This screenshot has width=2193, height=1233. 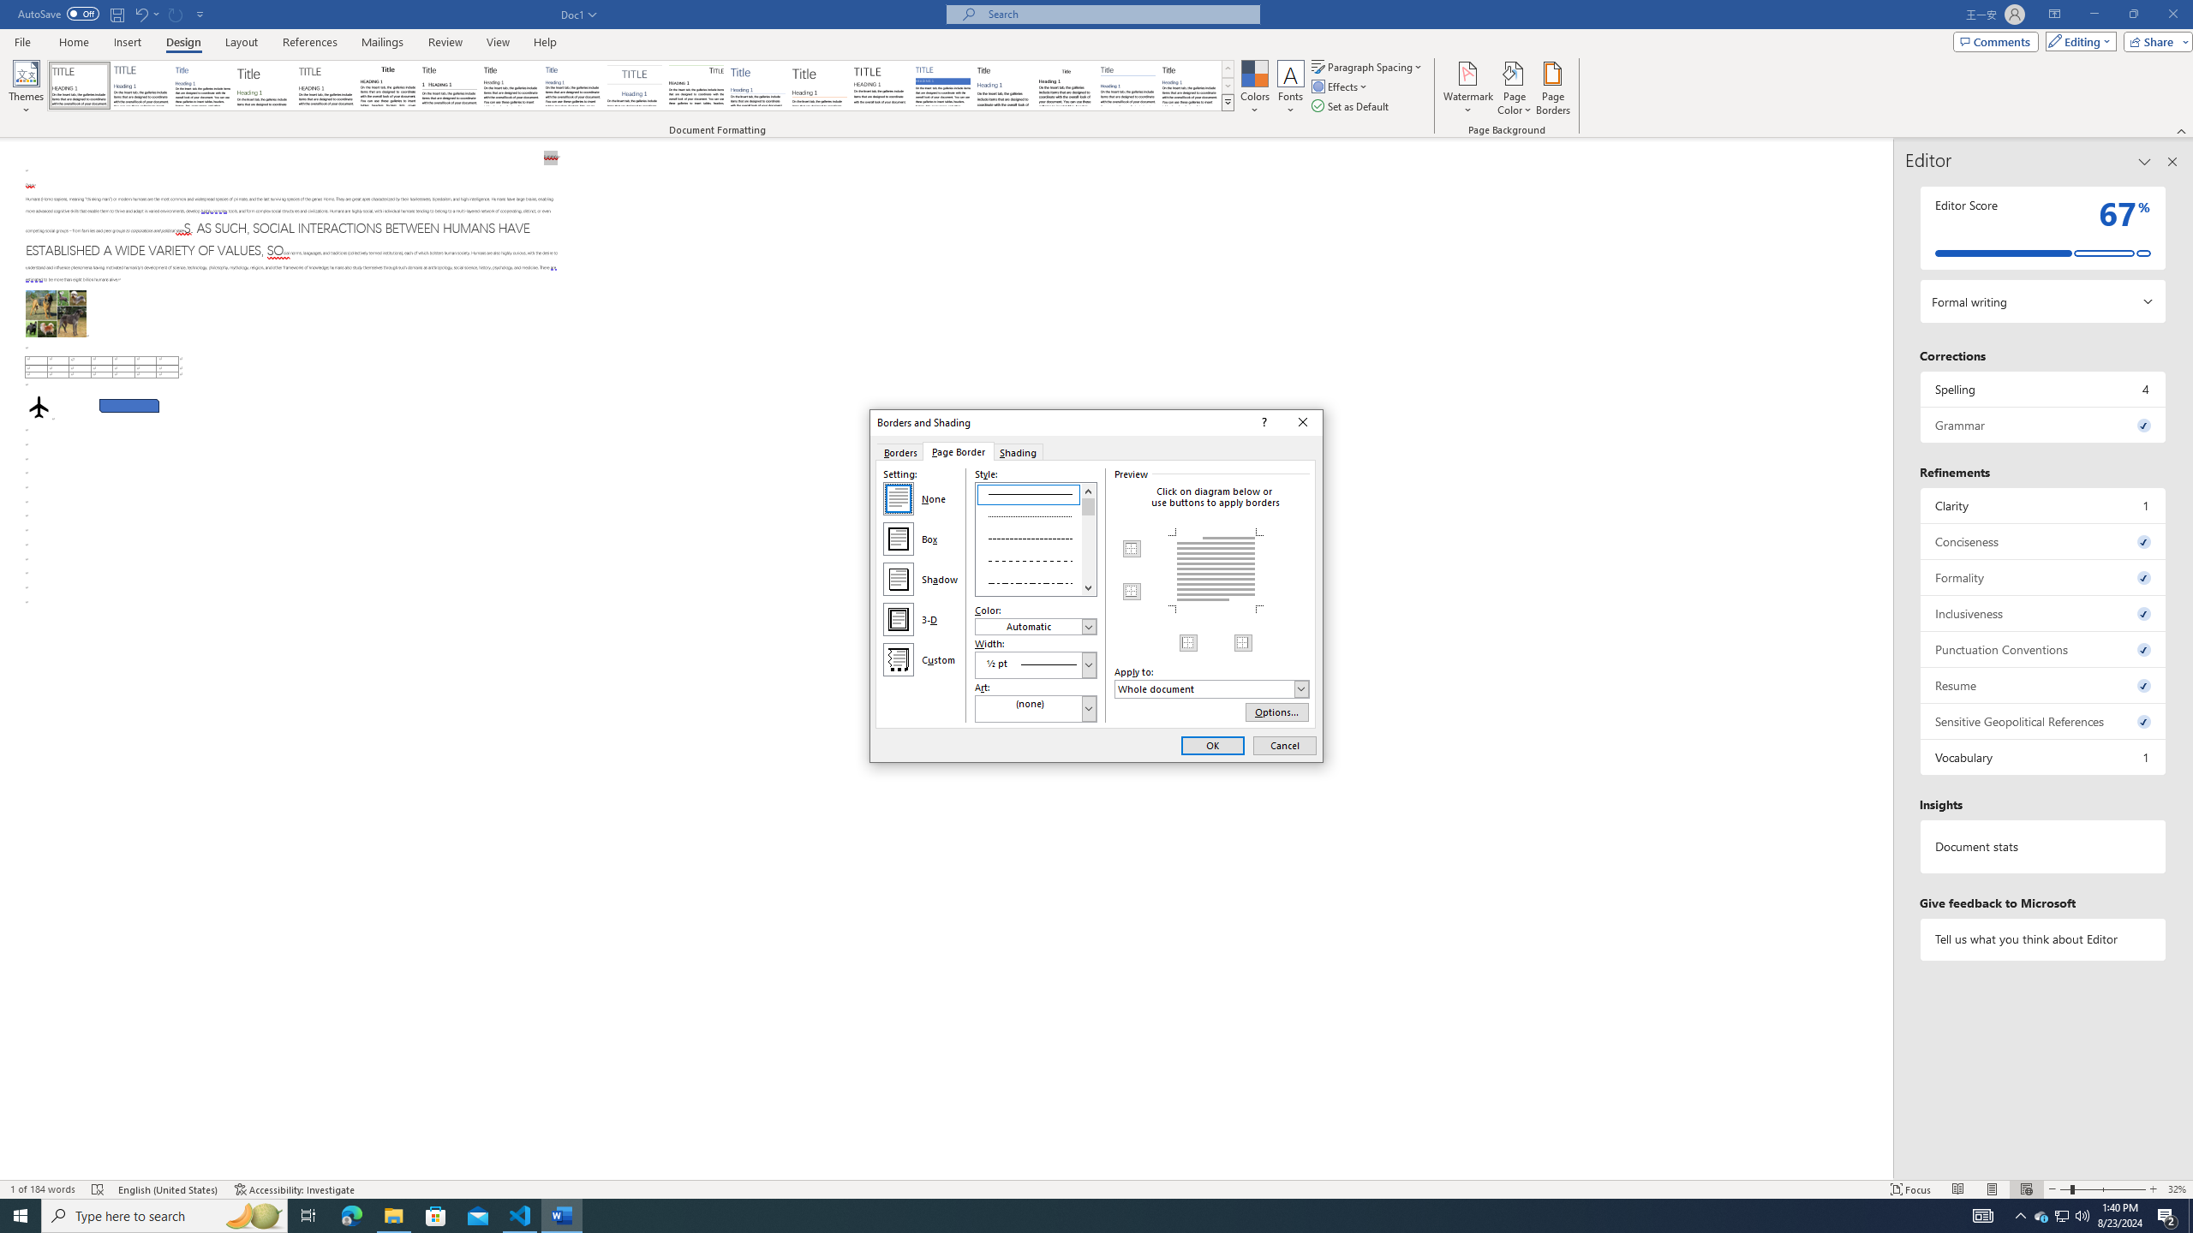 I want to click on 'User Promoted Notification Area', so click(x=2060, y=1214).